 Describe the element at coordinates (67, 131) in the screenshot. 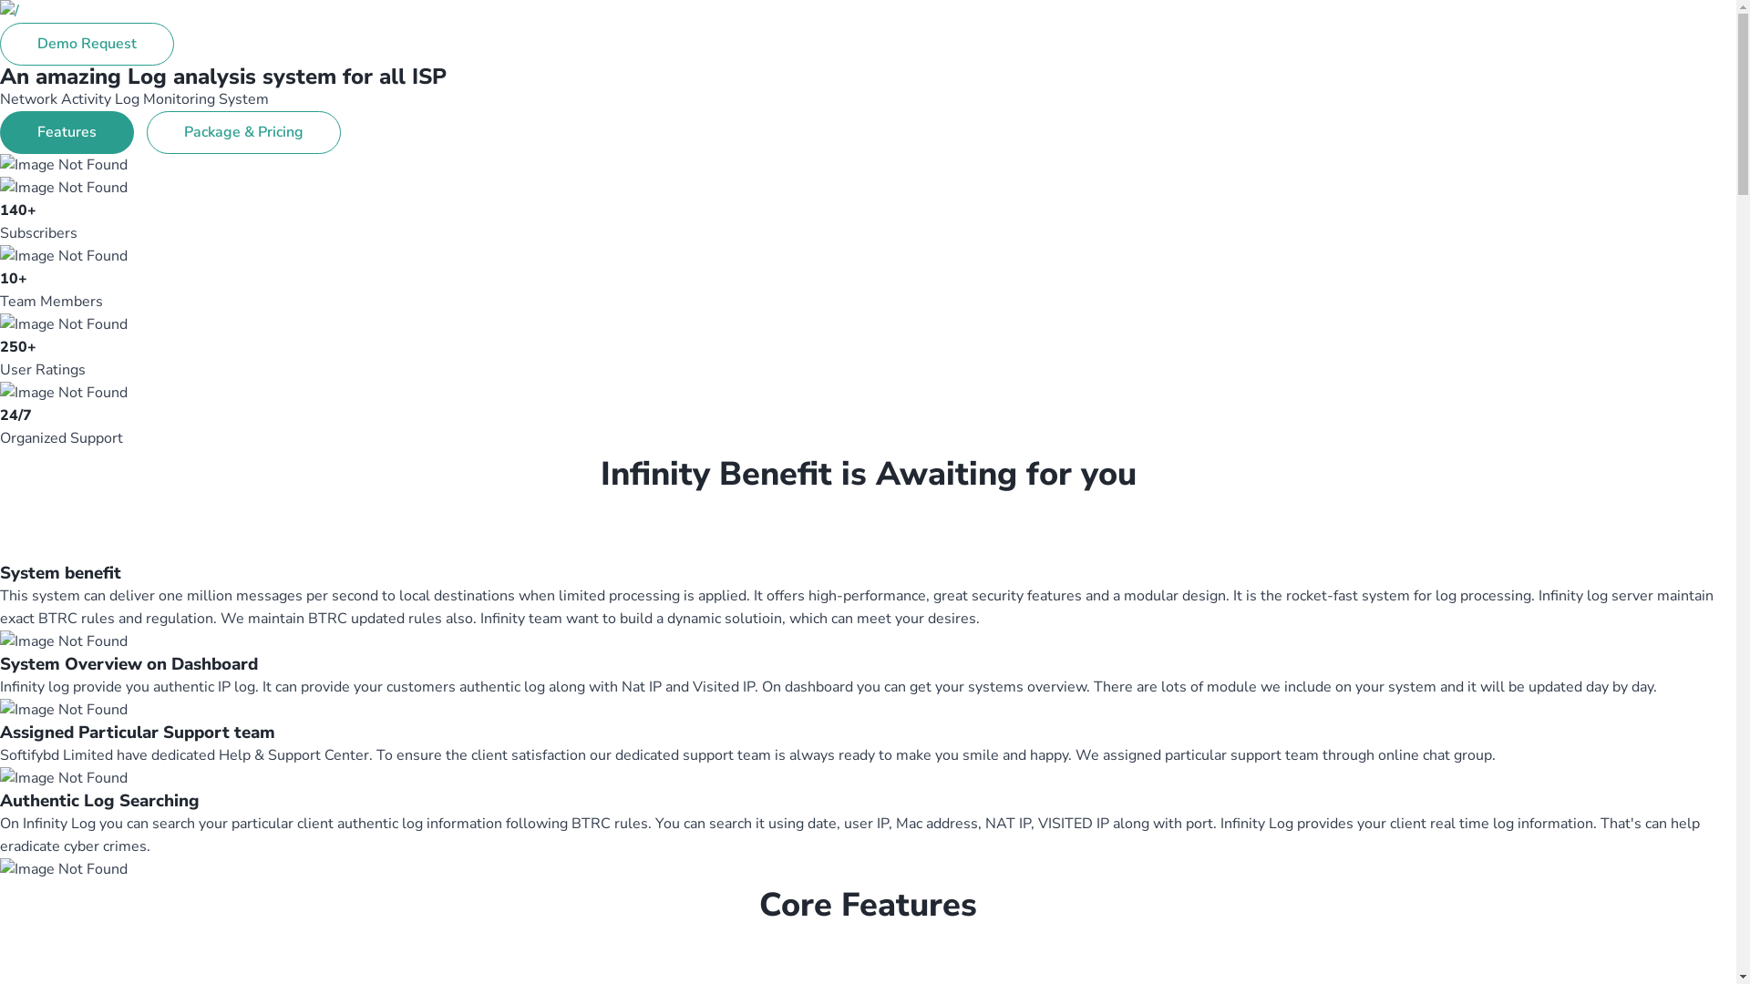

I see `'Features'` at that location.